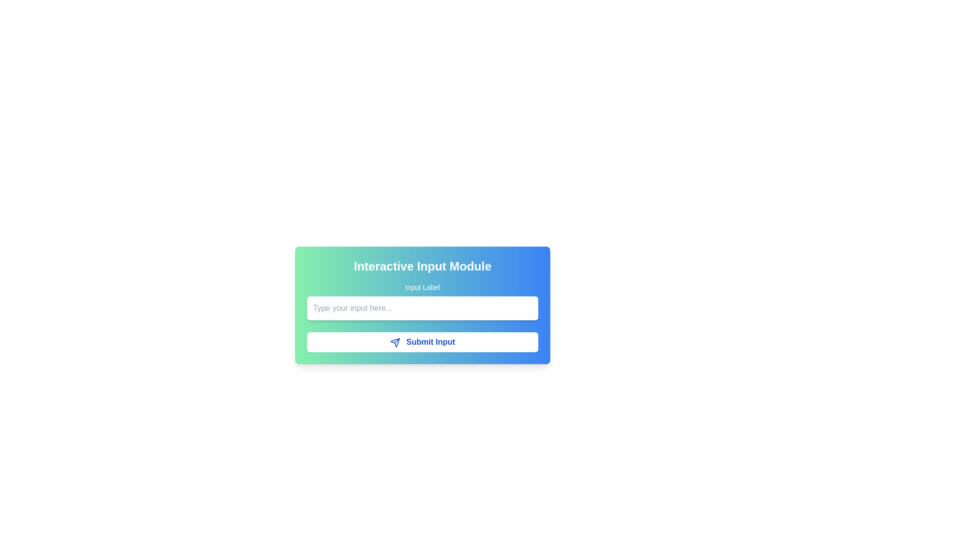  I want to click on the label of the Labeled input field located beneath the heading 'Interactive Input Module', so click(423, 301).